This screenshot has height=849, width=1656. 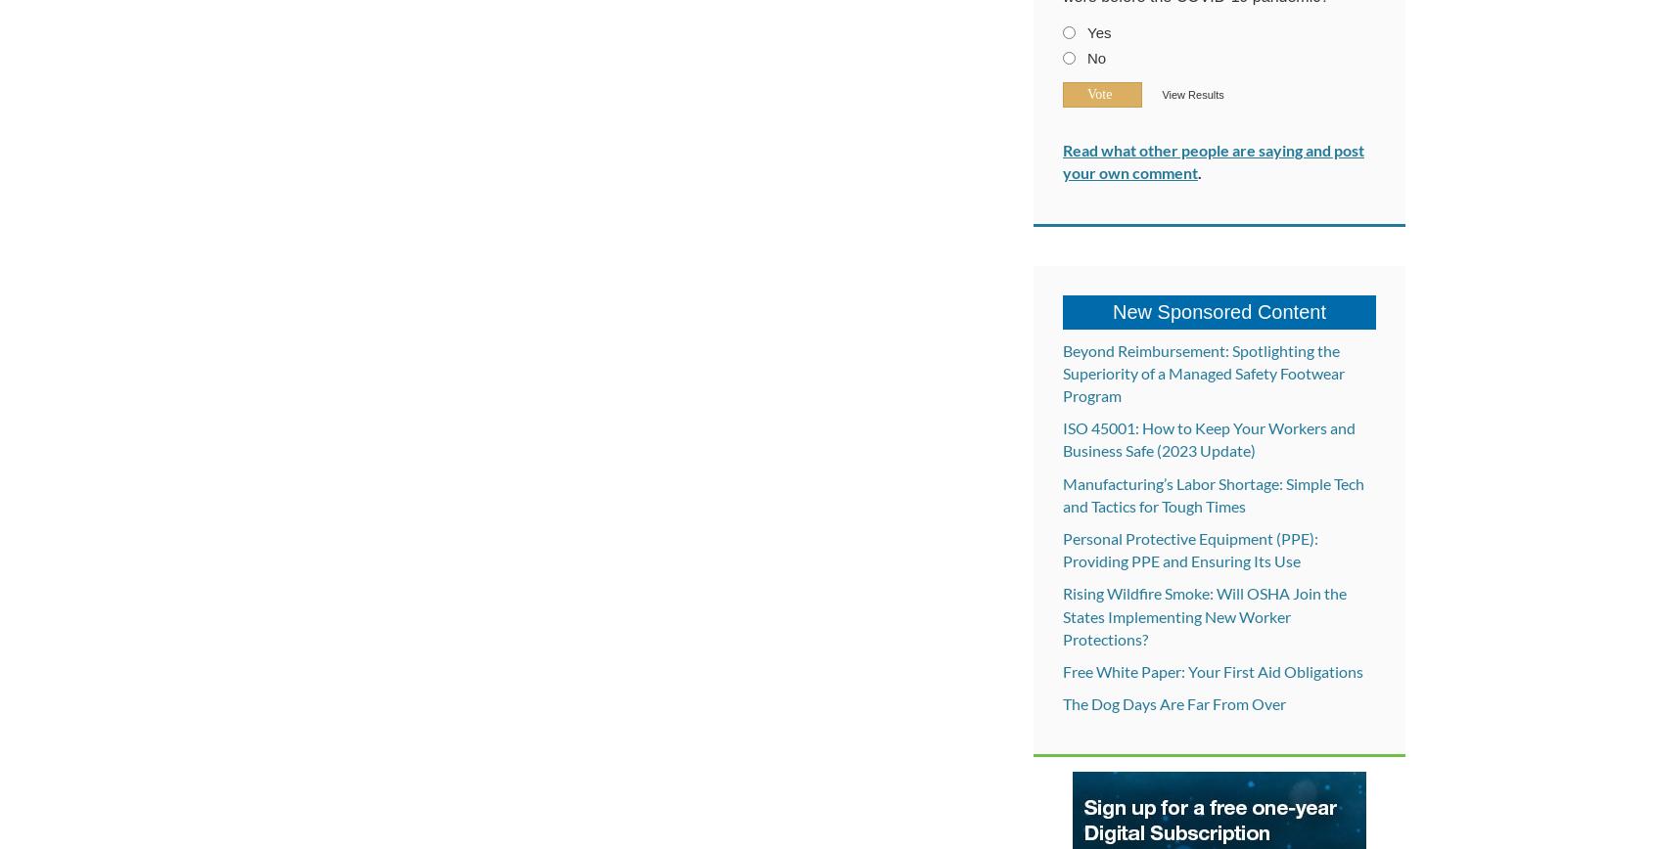 What do you see at coordinates (1062, 438) in the screenshot?
I see `'ISO 45001: How to Keep Your Workers and Business Safe (2023 Update)'` at bounding box center [1062, 438].